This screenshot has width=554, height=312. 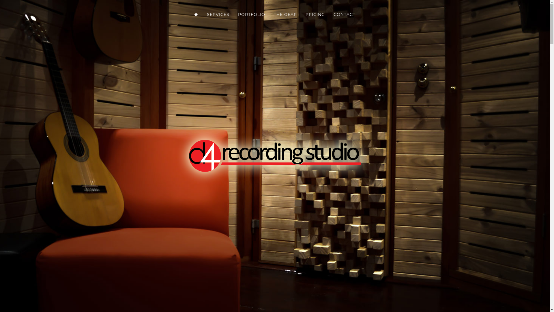 I want to click on 'CONTACT', so click(x=345, y=14).